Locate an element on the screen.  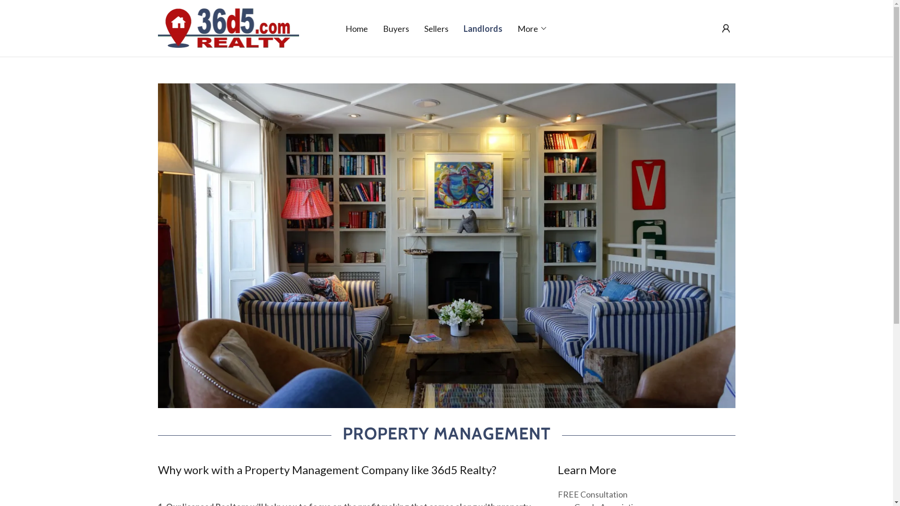
'More' is located at coordinates (532, 28).